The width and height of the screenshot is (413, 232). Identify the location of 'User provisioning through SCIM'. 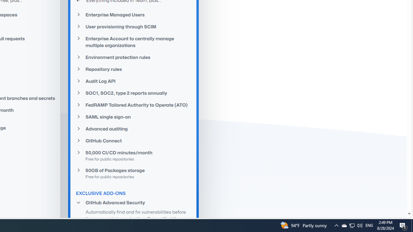
(133, 26).